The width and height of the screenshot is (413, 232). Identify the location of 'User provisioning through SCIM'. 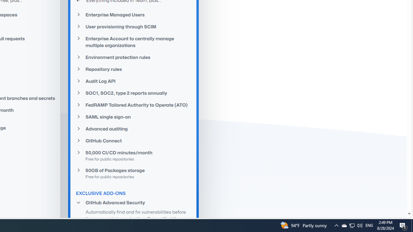
(133, 26).